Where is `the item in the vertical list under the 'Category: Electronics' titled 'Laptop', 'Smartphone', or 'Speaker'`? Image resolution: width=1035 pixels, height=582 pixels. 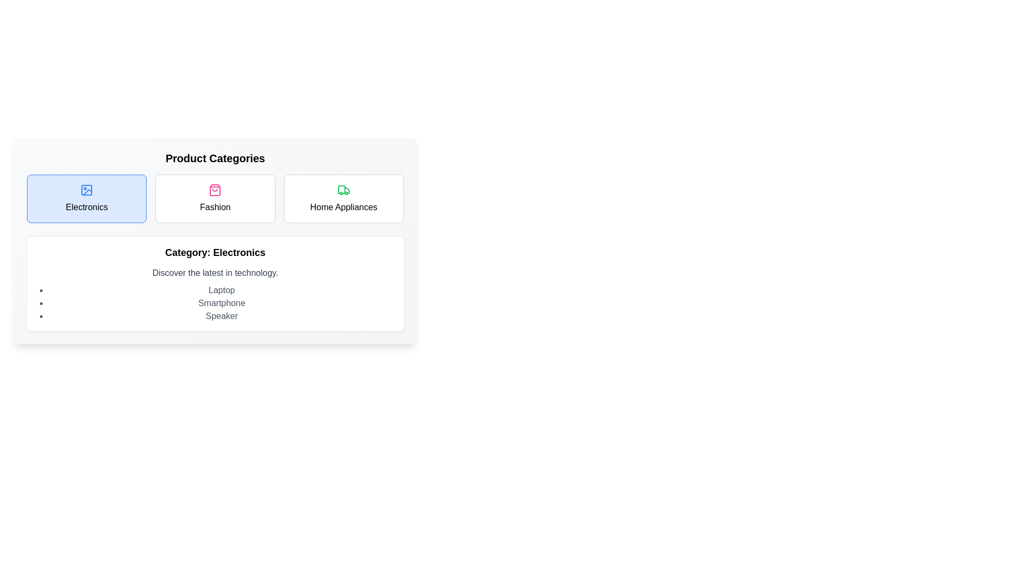 the item in the vertical list under the 'Category: Electronics' titled 'Laptop', 'Smartphone', or 'Speaker' is located at coordinates (221, 303).